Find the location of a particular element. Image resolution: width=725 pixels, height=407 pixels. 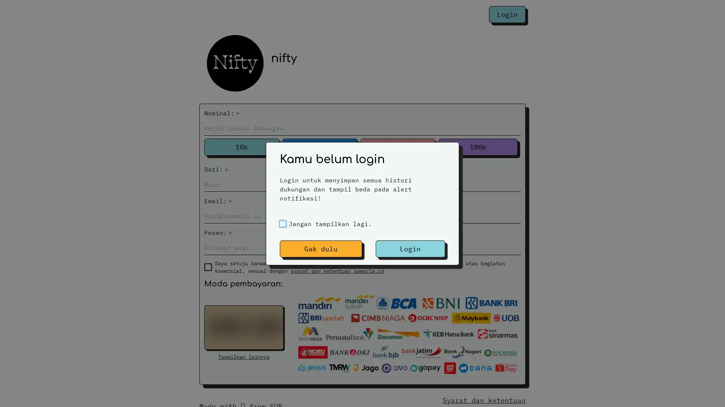

10k is located at coordinates (241, 147).